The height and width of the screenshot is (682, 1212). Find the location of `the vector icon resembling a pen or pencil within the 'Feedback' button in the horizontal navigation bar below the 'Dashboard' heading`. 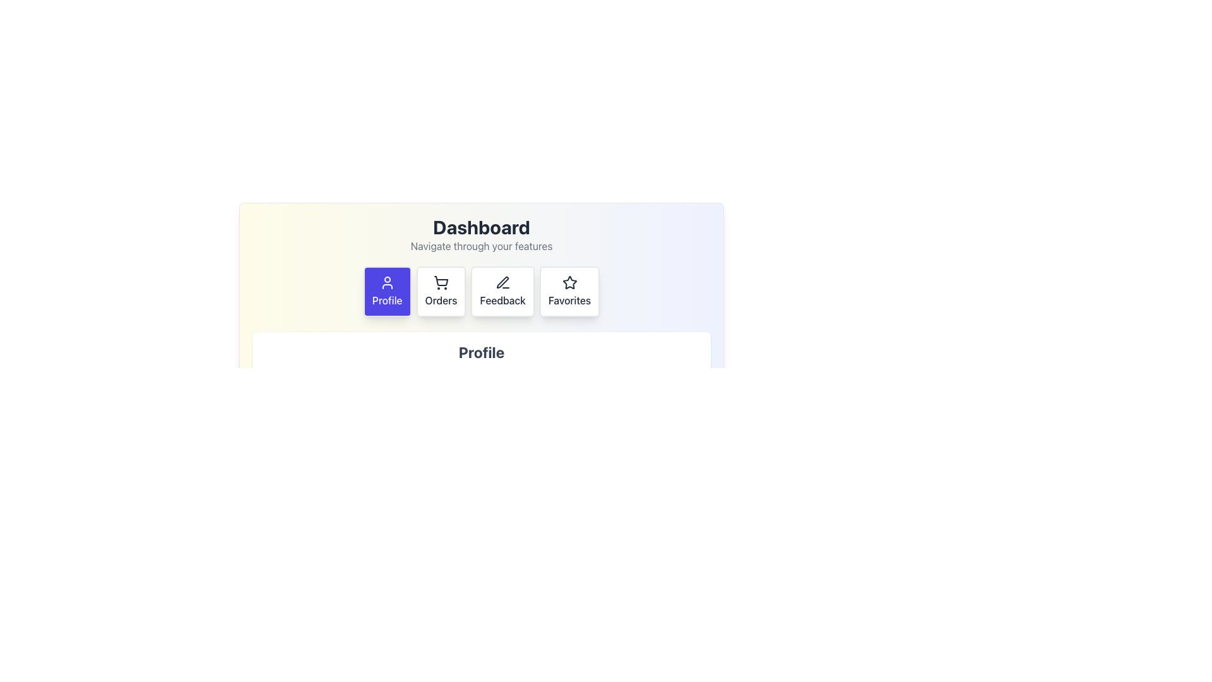

the vector icon resembling a pen or pencil within the 'Feedback' button in the horizontal navigation bar below the 'Dashboard' heading is located at coordinates (502, 282).